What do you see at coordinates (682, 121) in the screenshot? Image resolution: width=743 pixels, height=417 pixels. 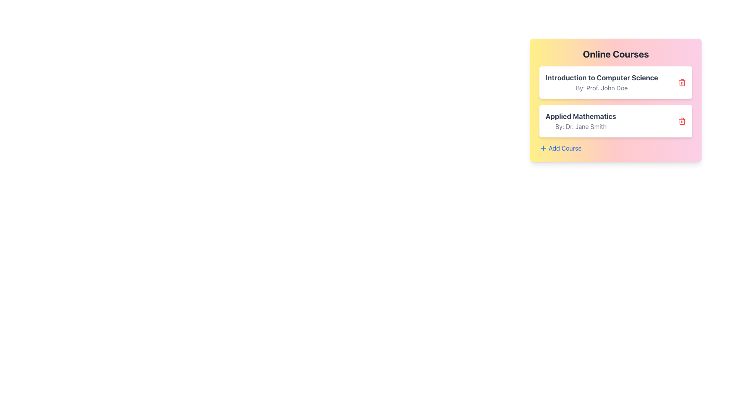 I see `the delete icon for the 'Applied Mathematics' course entry` at bounding box center [682, 121].